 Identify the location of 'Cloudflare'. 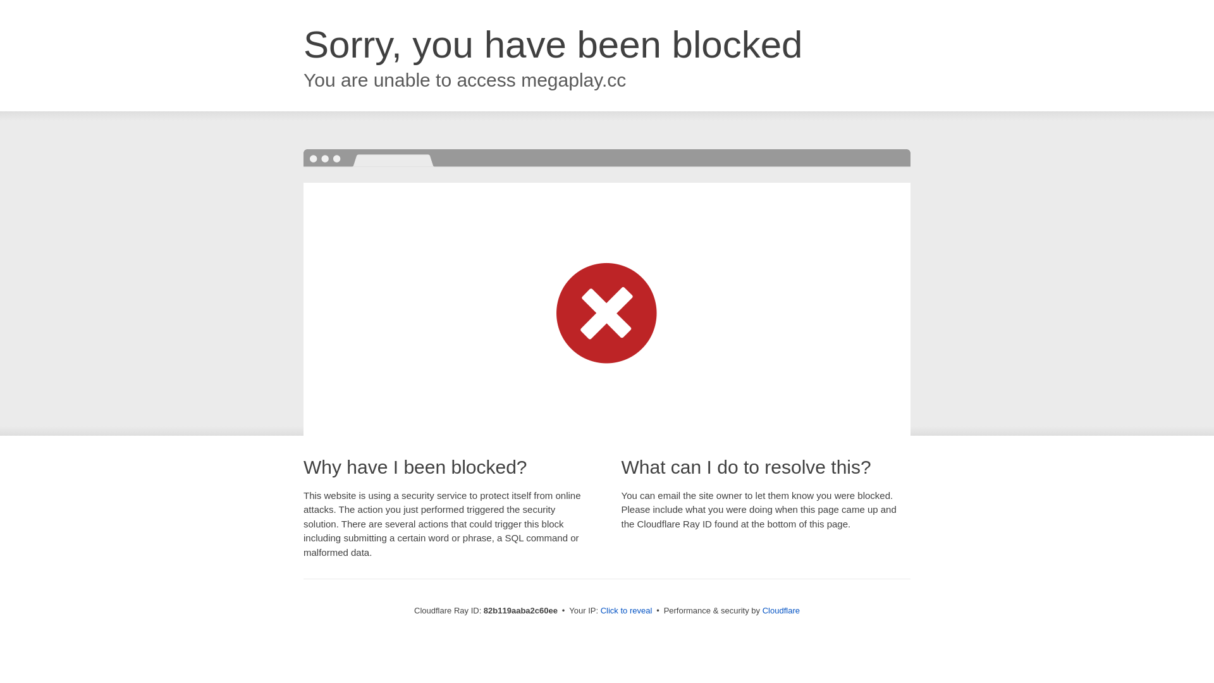
(780, 610).